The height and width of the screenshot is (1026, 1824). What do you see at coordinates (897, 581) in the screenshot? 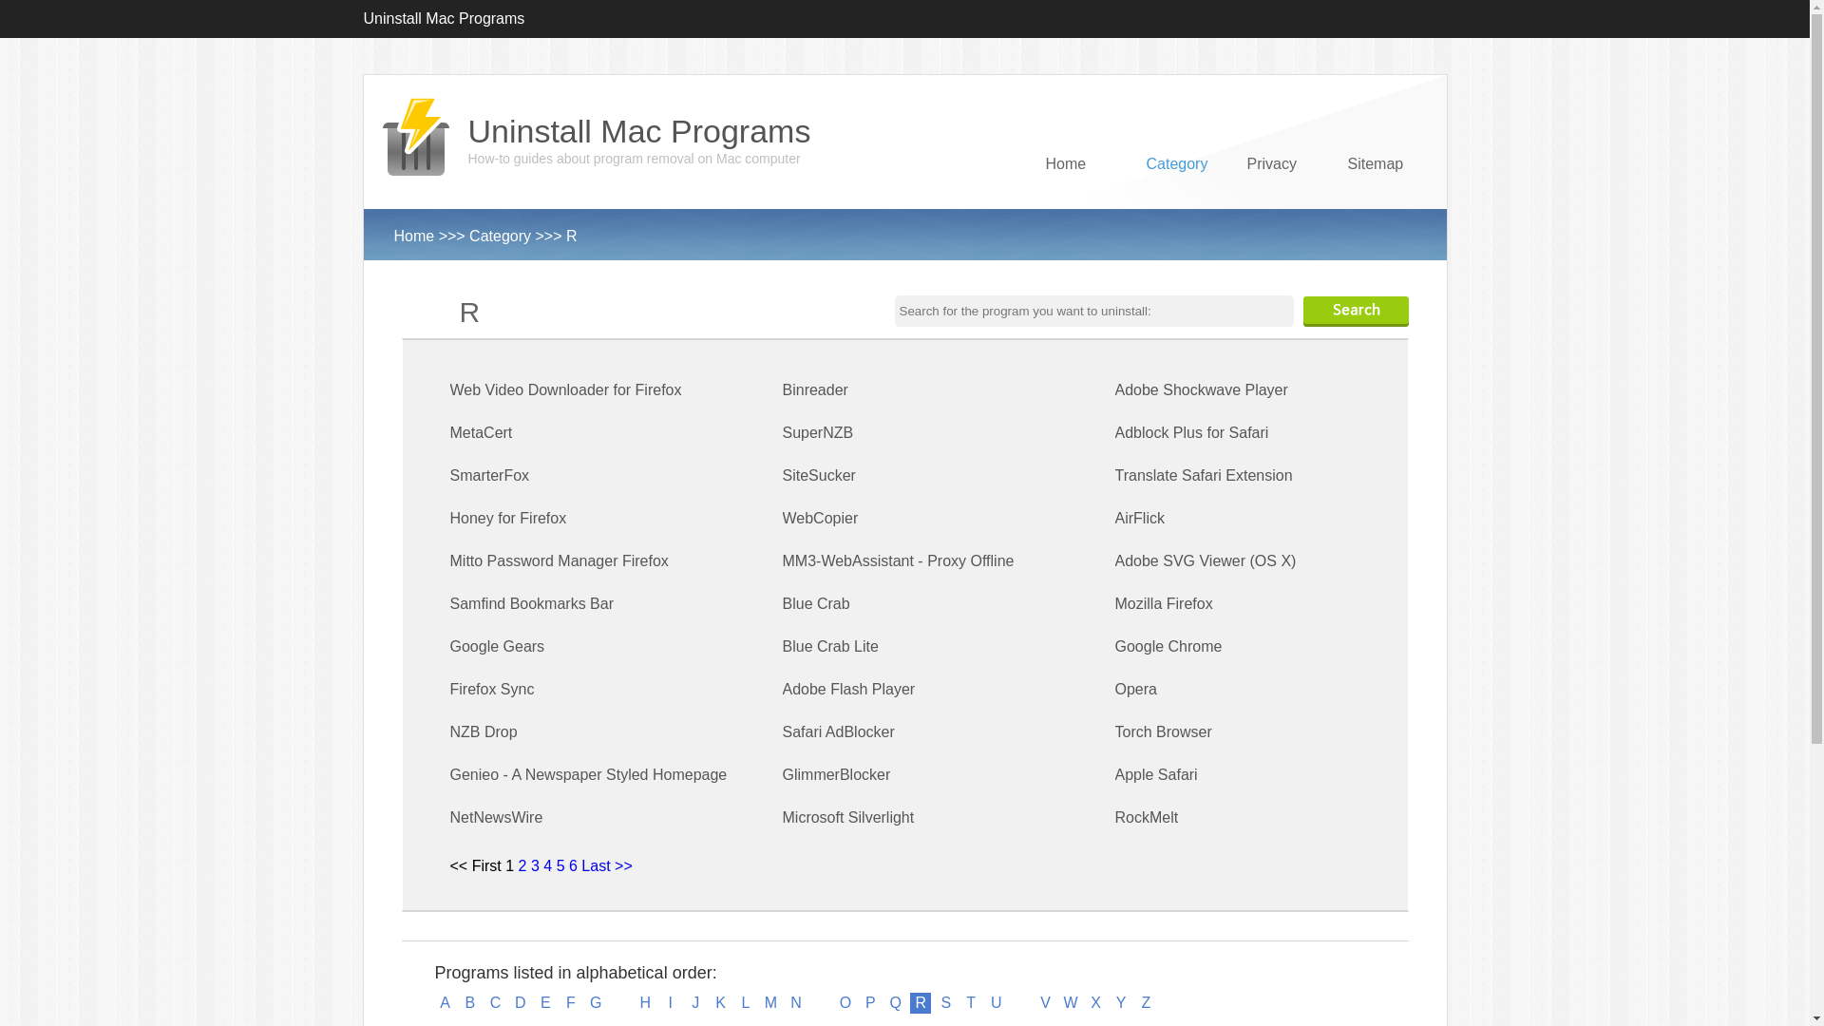
I see `'MM3-WebAssistant - Proxy Offline Browser'` at bounding box center [897, 581].